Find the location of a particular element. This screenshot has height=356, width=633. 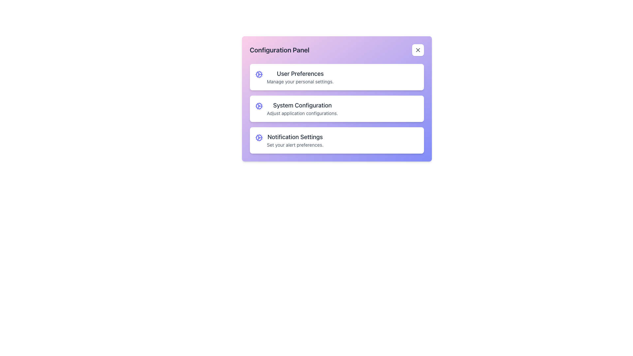

descriptive text label that provides information about the 'System Configuration' option, located beneath its heading in the interface is located at coordinates (302, 113).